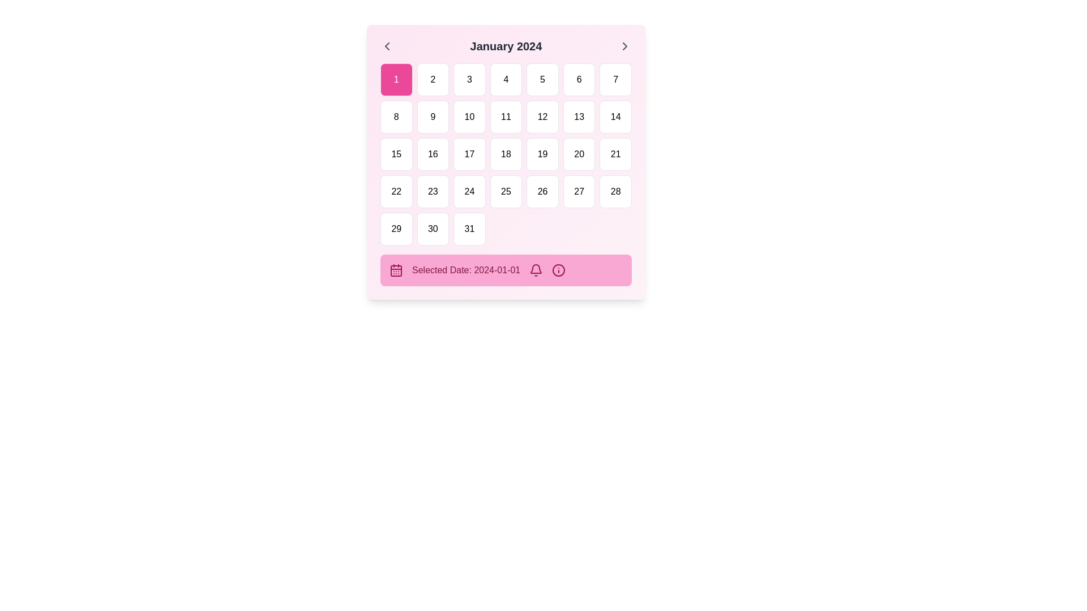 The height and width of the screenshot is (611, 1087). What do you see at coordinates (396, 270) in the screenshot?
I see `the small square-shaped decorative rectangle within the calendar icon, which is styled with a pink background and located in the bottom portion of the calendar interface` at bounding box center [396, 270].